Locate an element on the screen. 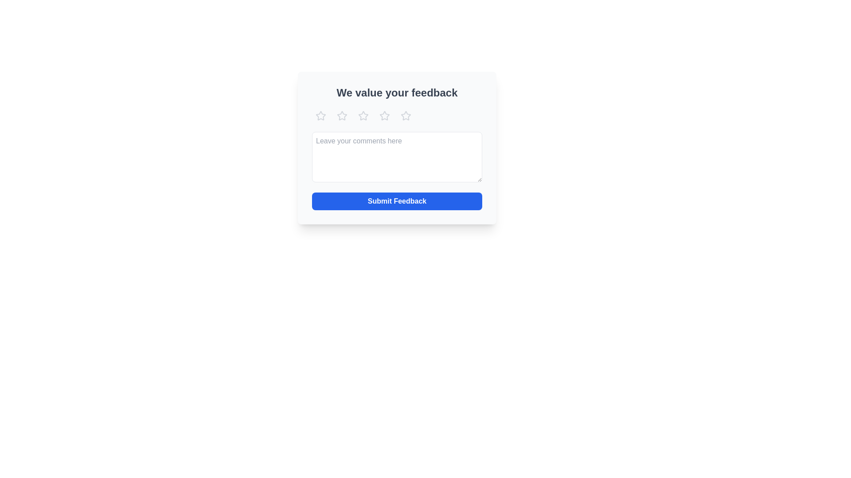  the third star icon is located at coordinates (385, 116).